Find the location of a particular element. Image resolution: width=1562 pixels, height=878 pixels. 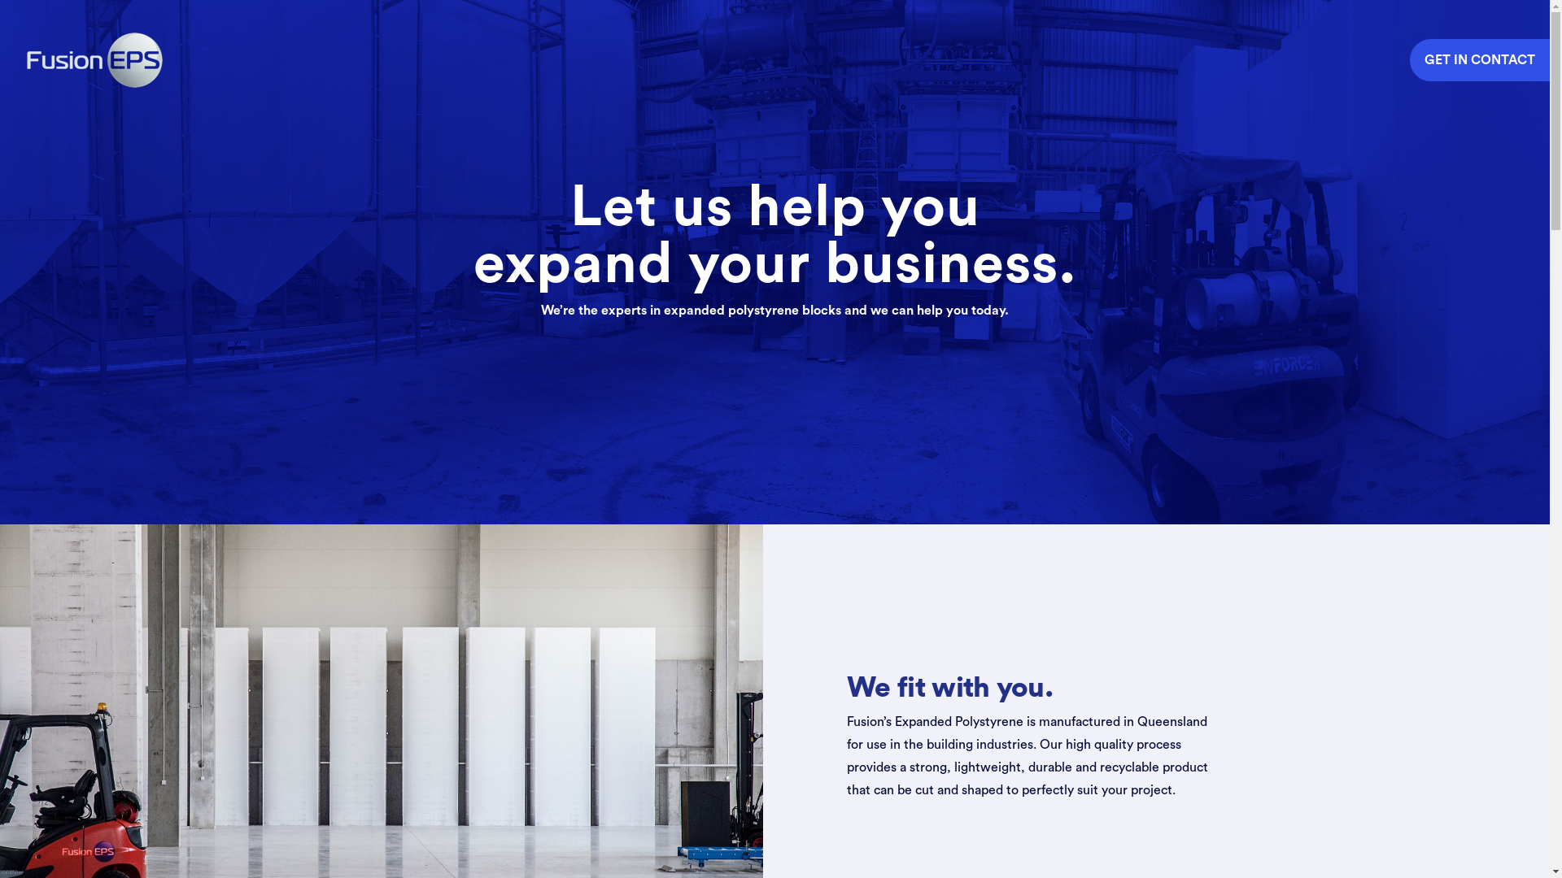

'GET IN CONTACT' is located at coordinates (1480, 59).